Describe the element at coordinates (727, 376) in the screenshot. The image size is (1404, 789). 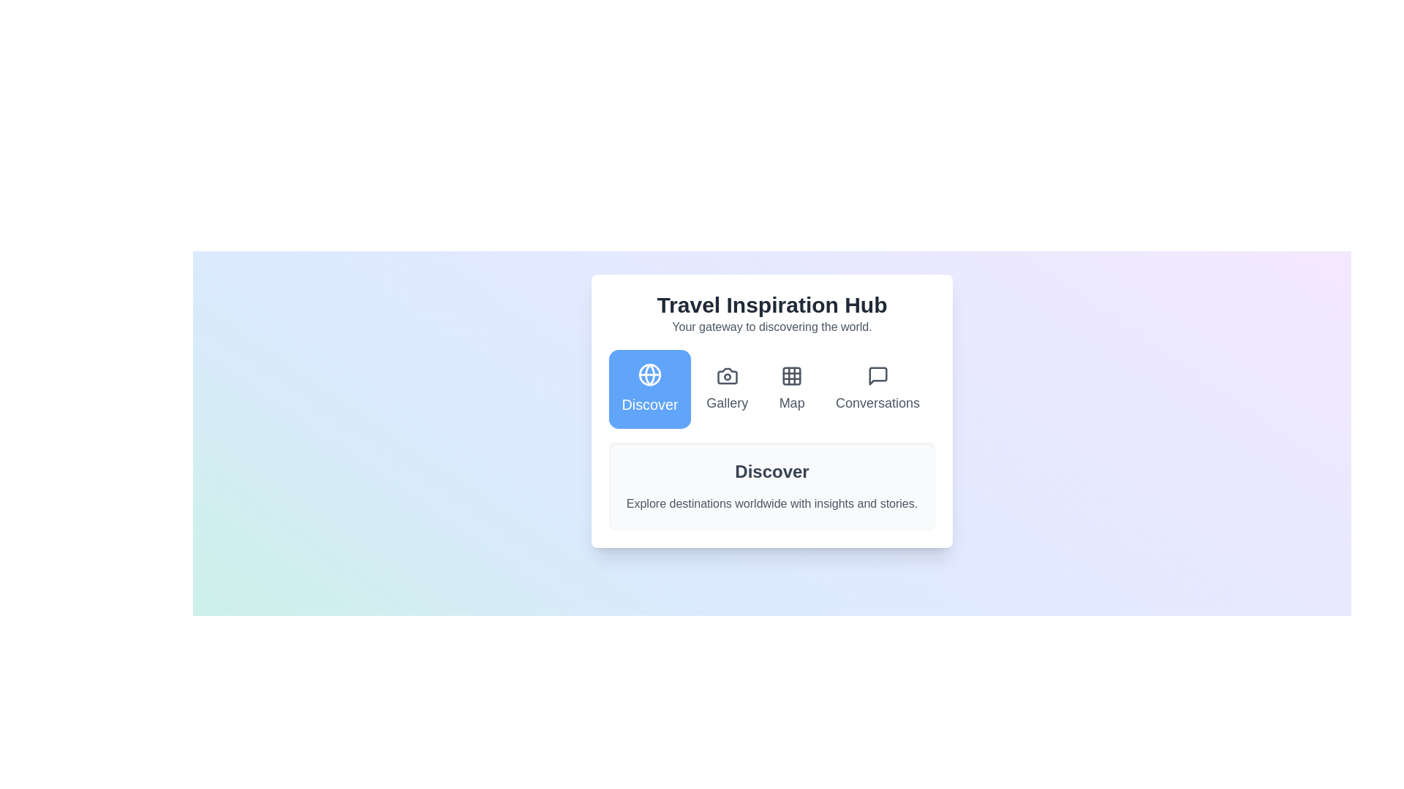
I see `the camera icon representing the 'Gallery' functionality, which is the second item from the left in the horizontal navigation layout, located between the 'Discover' and 'Map' buttons` at that location.